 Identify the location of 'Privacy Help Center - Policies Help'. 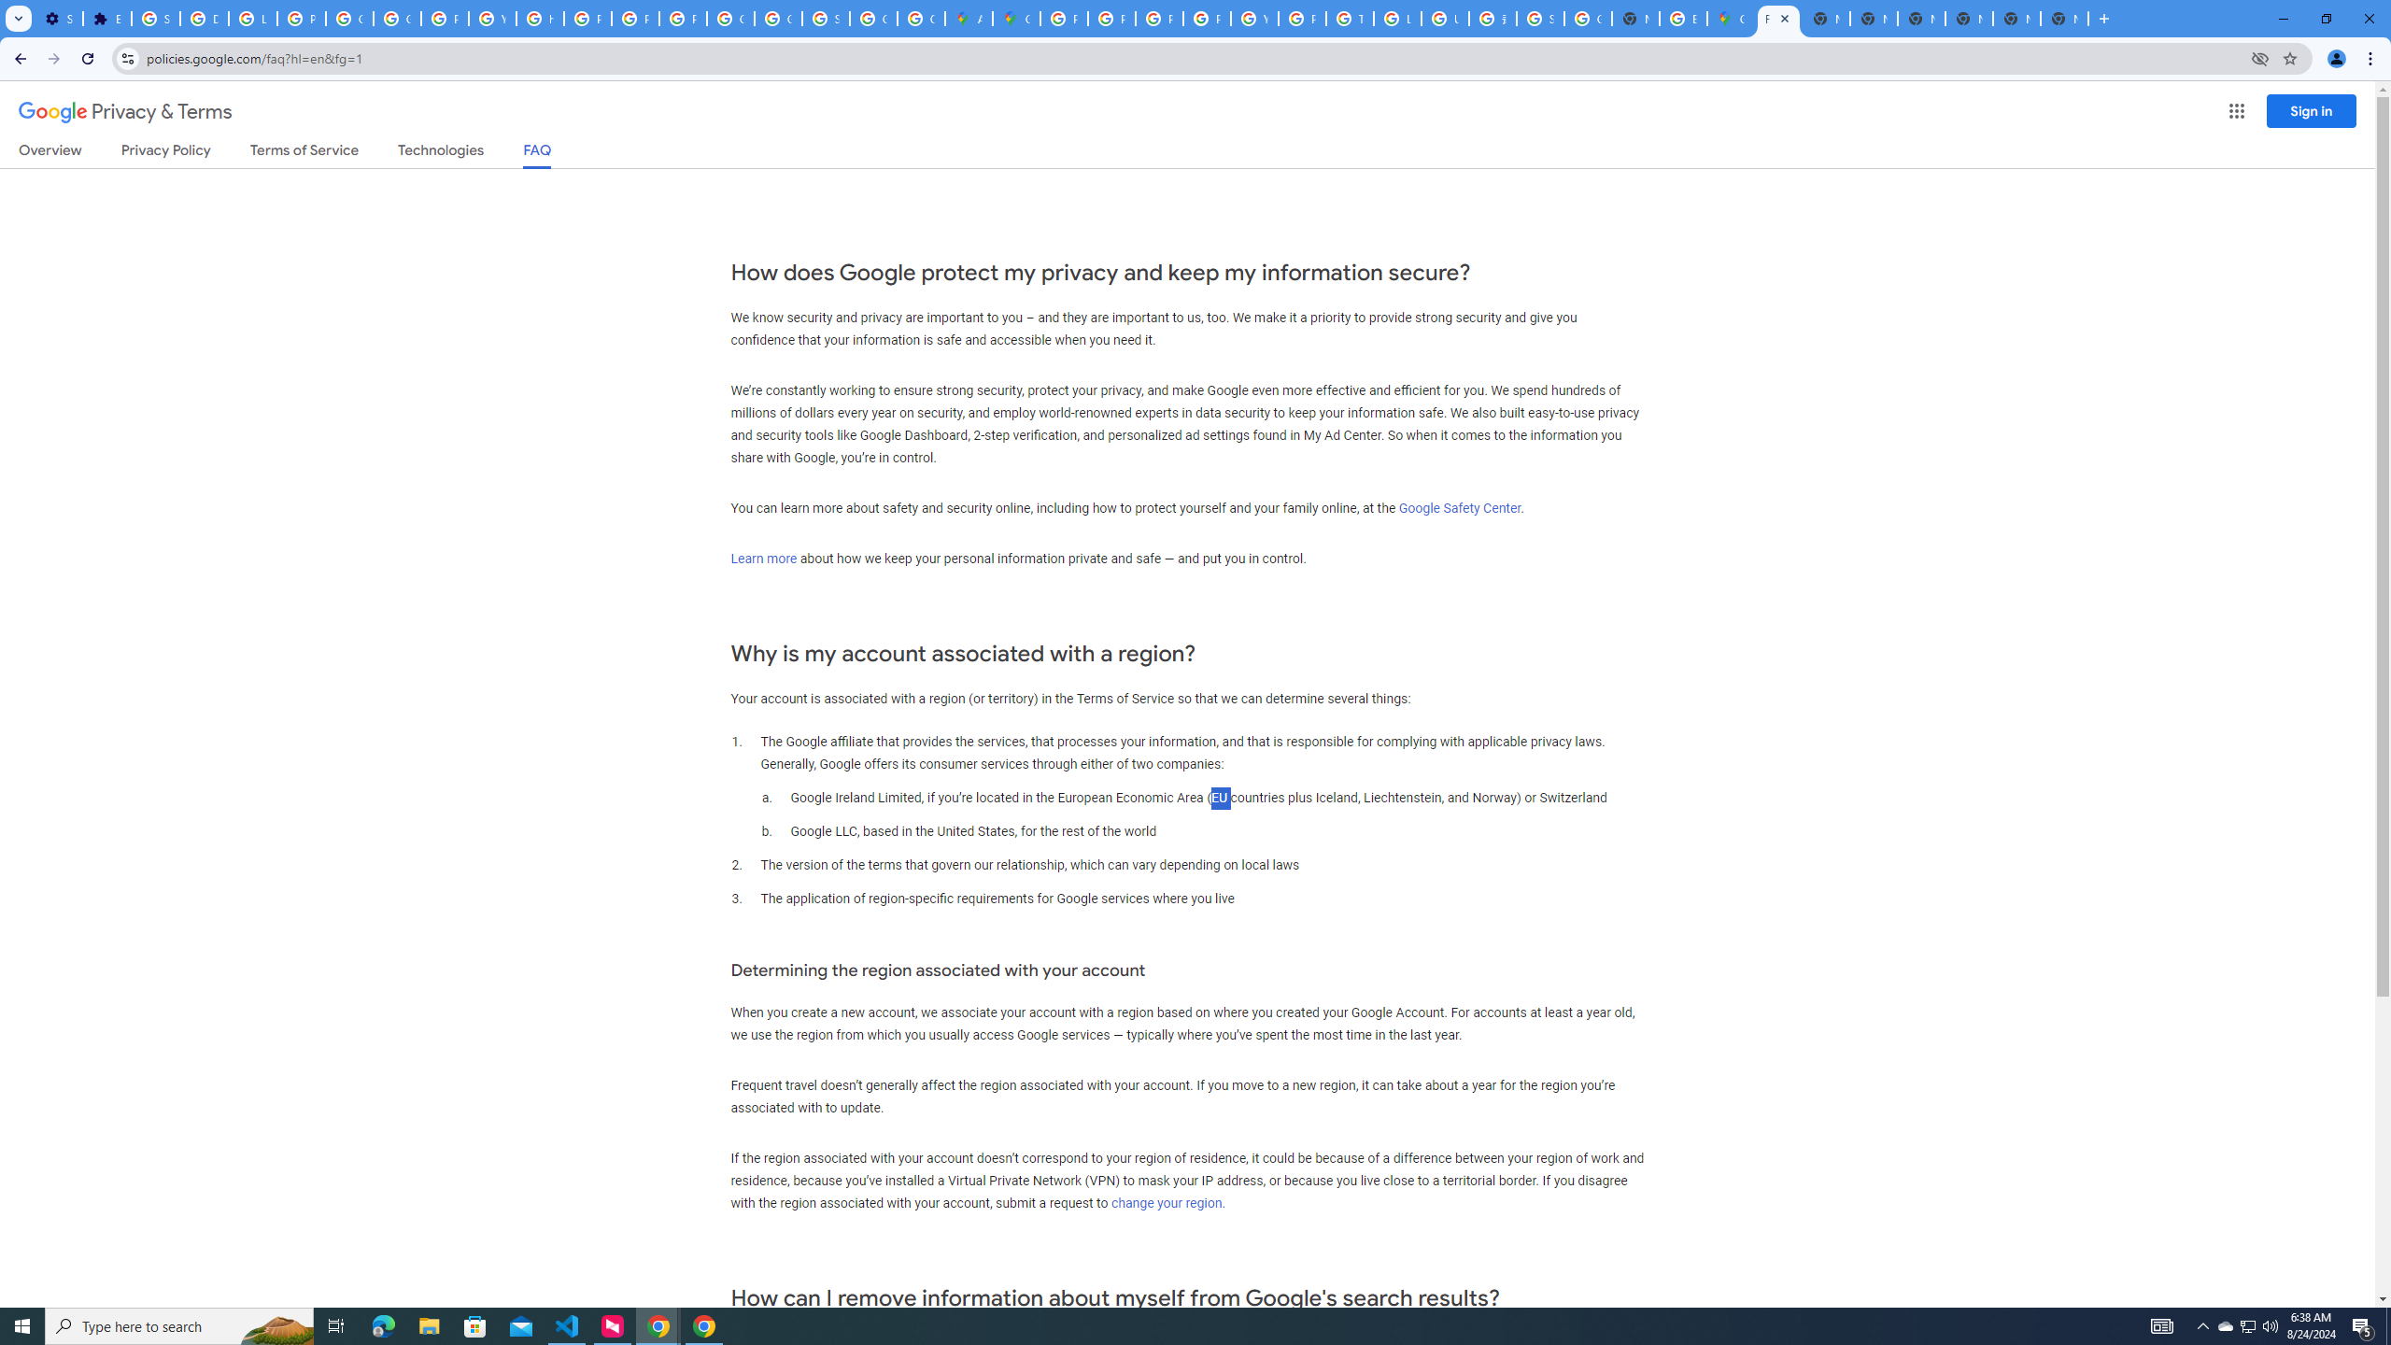
(1157, 18).